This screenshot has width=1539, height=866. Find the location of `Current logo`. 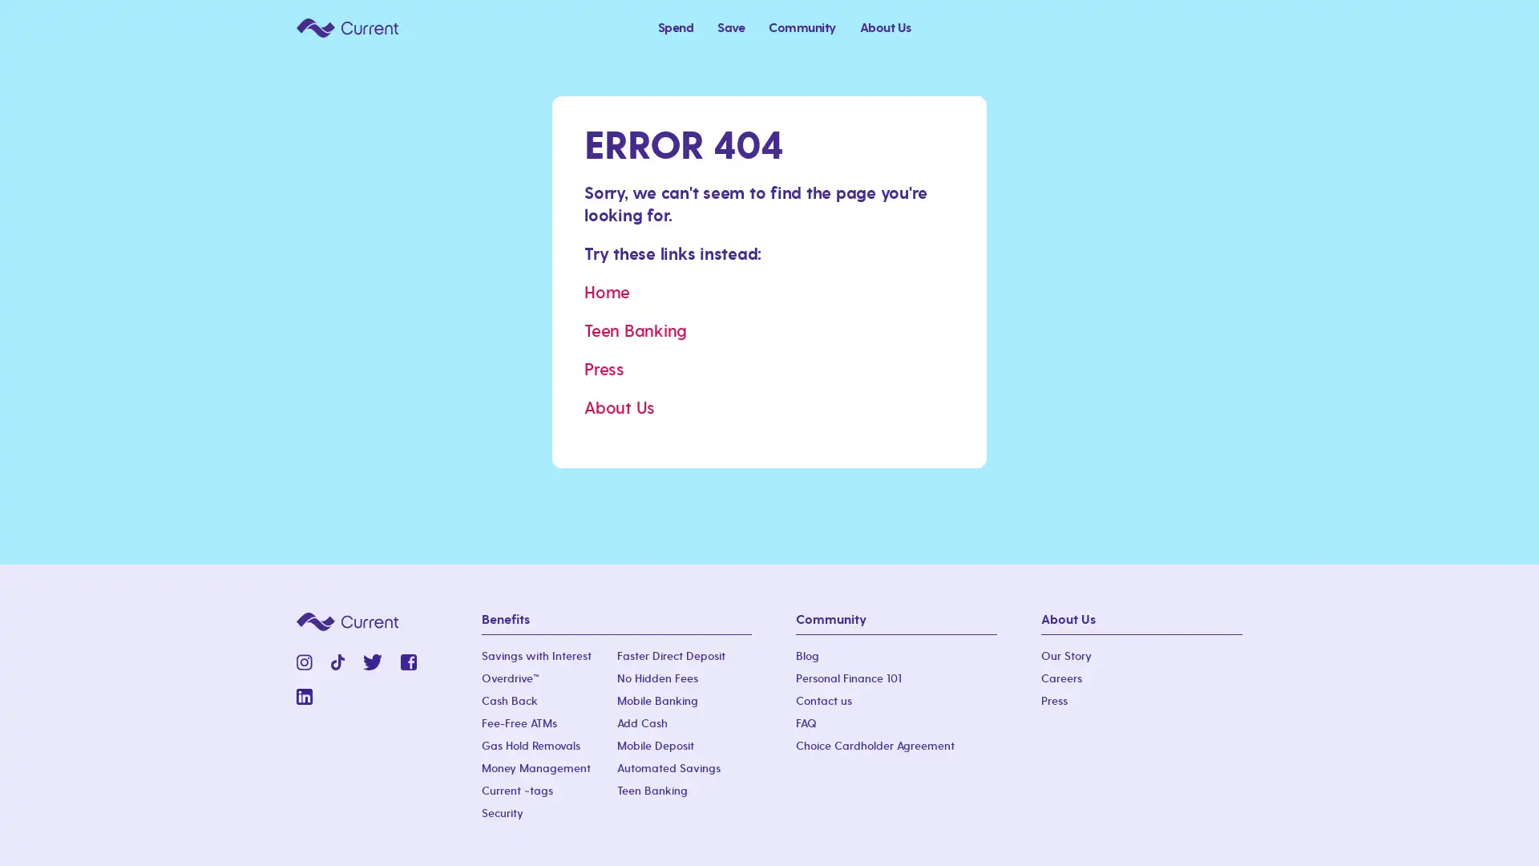

Current logo is located at coordinates (346, 26).